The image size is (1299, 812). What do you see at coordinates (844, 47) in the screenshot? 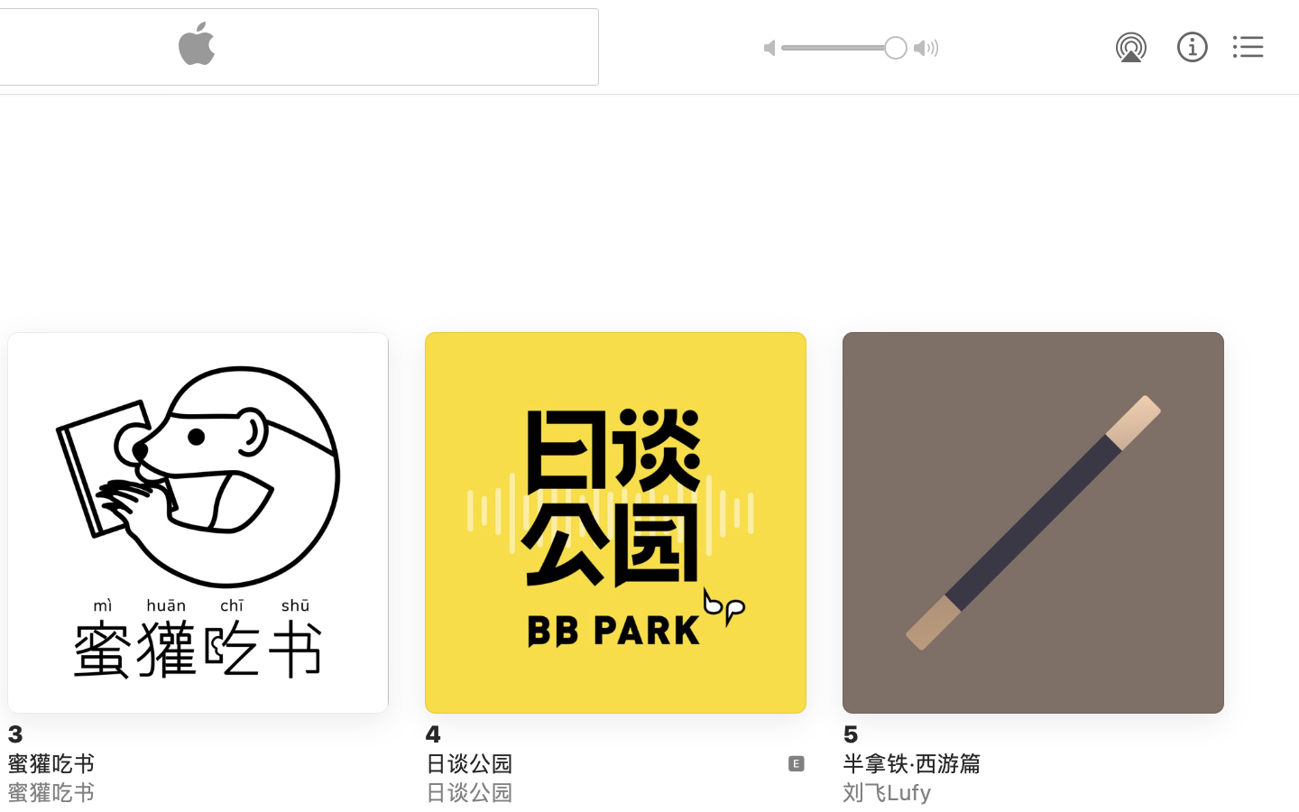
I see `'1.0'` at bounding box center [844, 47].